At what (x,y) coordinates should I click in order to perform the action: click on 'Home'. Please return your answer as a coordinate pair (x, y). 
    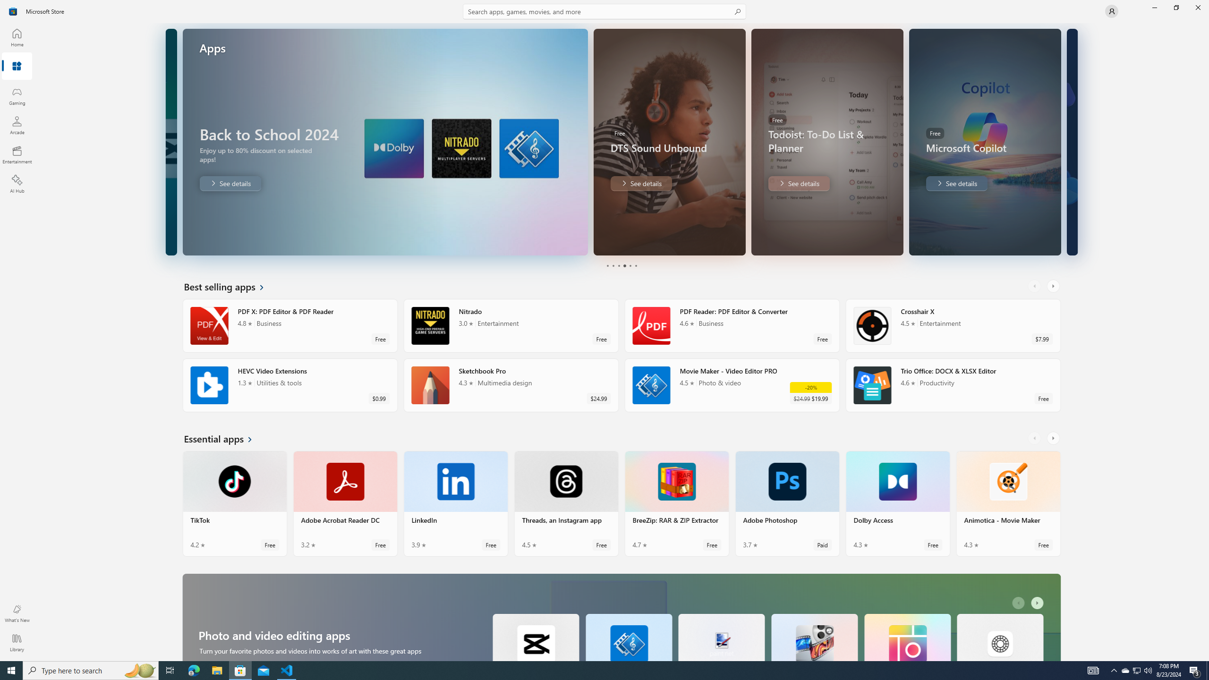
    Looking at the image, I should click on (16, 37).